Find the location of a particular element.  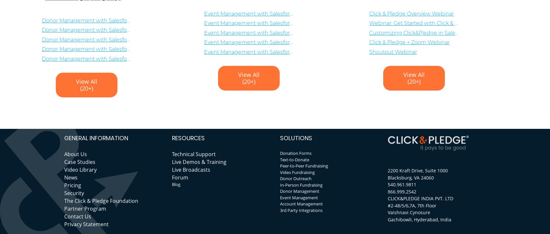

'2200 Kraft Drive, Suite 1000' is located at coordinates (417, 170).